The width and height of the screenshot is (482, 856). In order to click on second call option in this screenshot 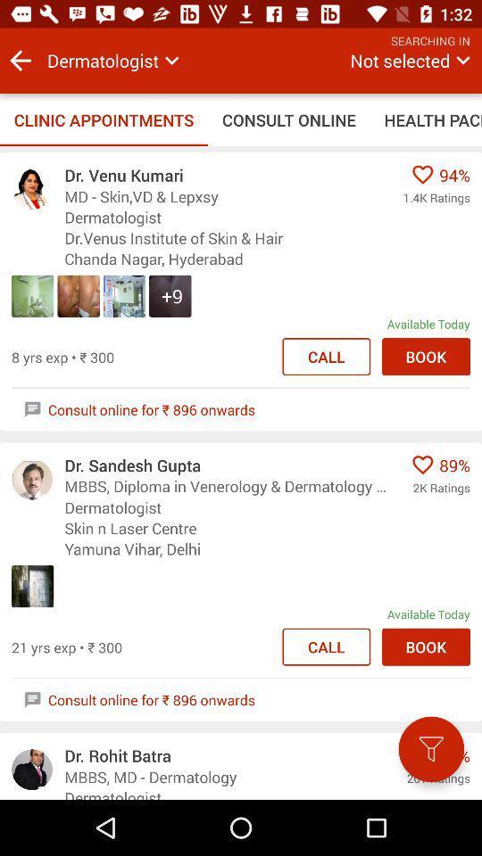, I will do `click(326, 646)`.